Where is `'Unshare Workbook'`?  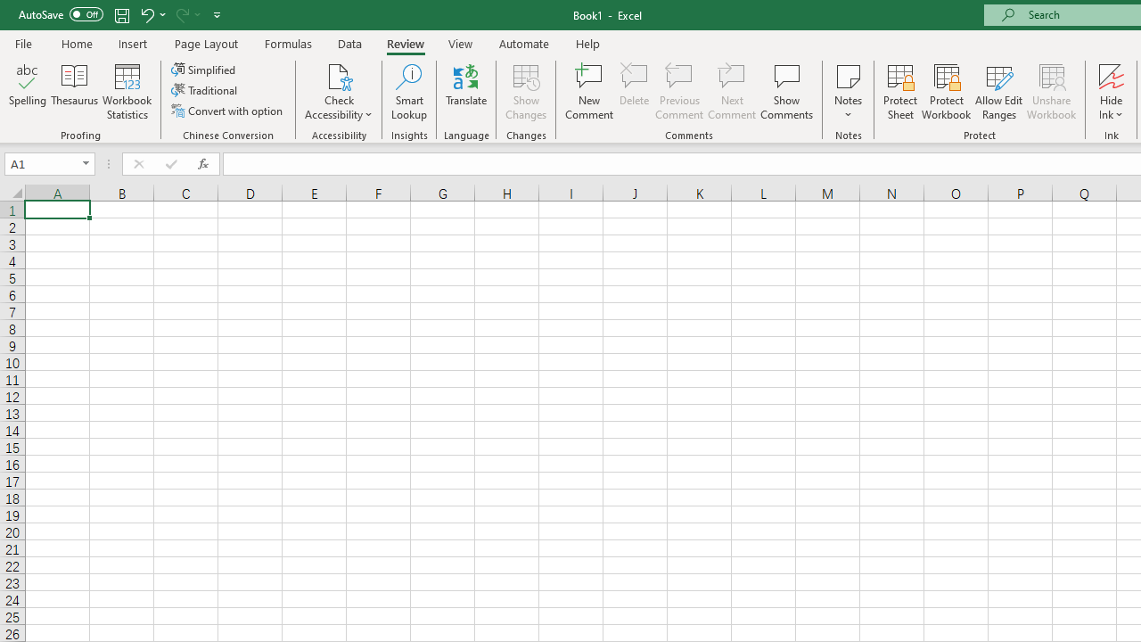
'Unshare Workbook' is located at coordinates (1051, 92).